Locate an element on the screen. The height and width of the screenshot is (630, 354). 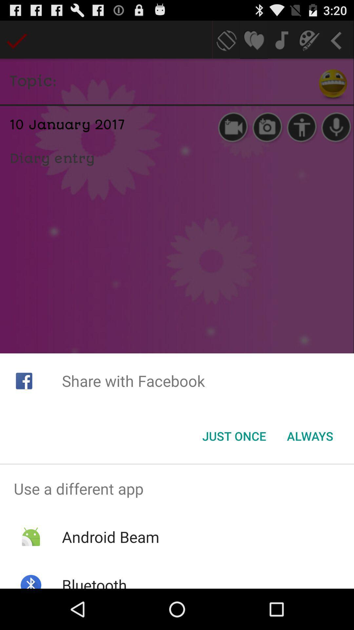
the just once item is located at coordinates (234, 436).